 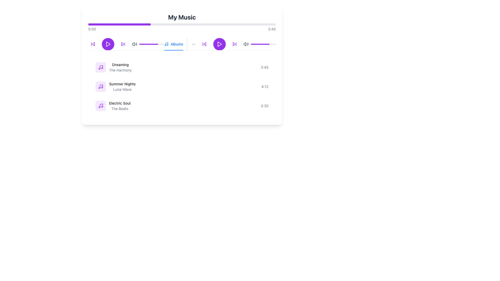 I want to click on the play icon, which is a triangular icon located in a purple circle button in the top navigation bar of the music player, so click(x=108, y=44).